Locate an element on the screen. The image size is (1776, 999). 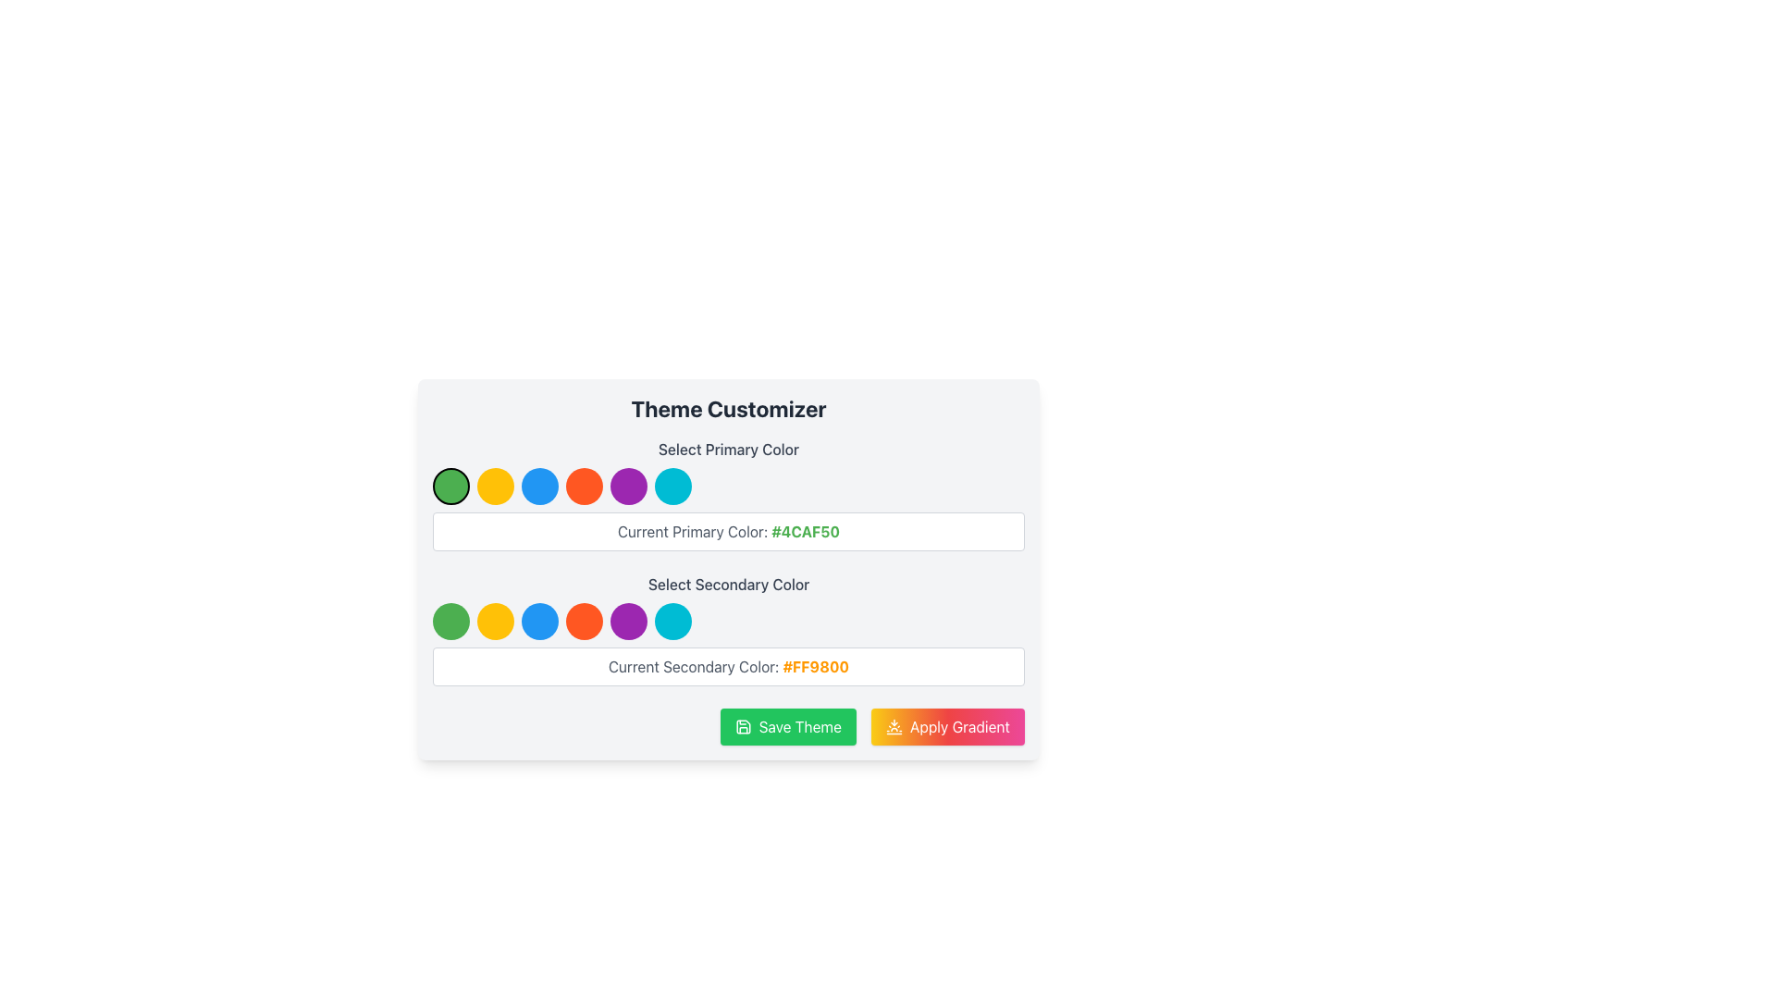
the Label/Static Text that provides context for the adjacent color code '#4CAF50' is located at coordinates (694, 531).